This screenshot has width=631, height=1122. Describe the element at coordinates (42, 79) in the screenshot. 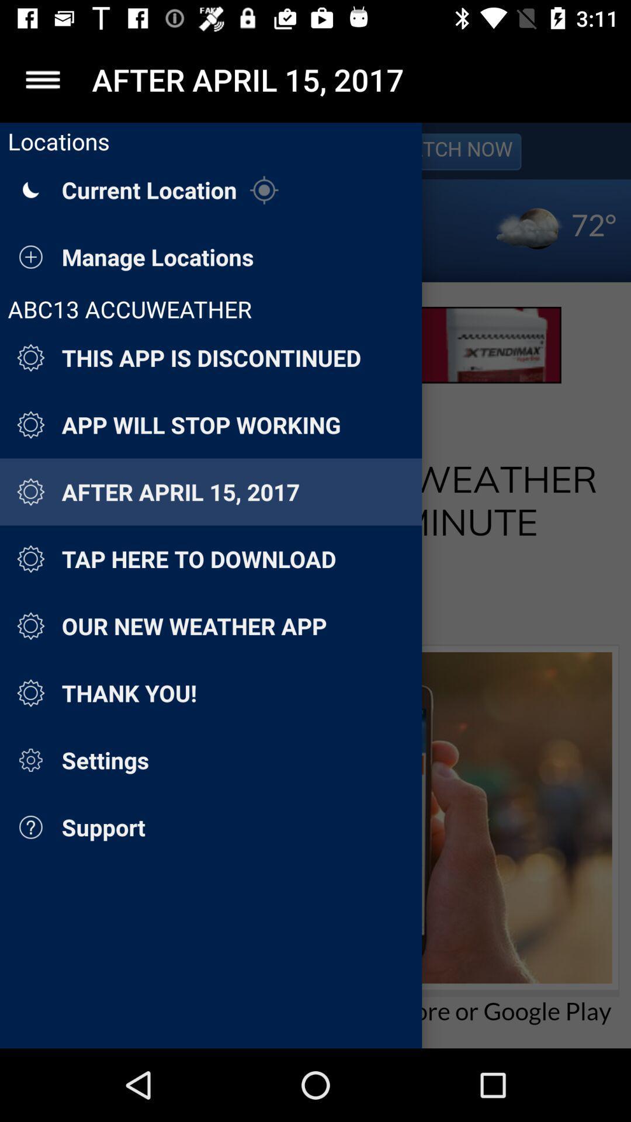

I see `the icon next to the after april 15 item` at that location.